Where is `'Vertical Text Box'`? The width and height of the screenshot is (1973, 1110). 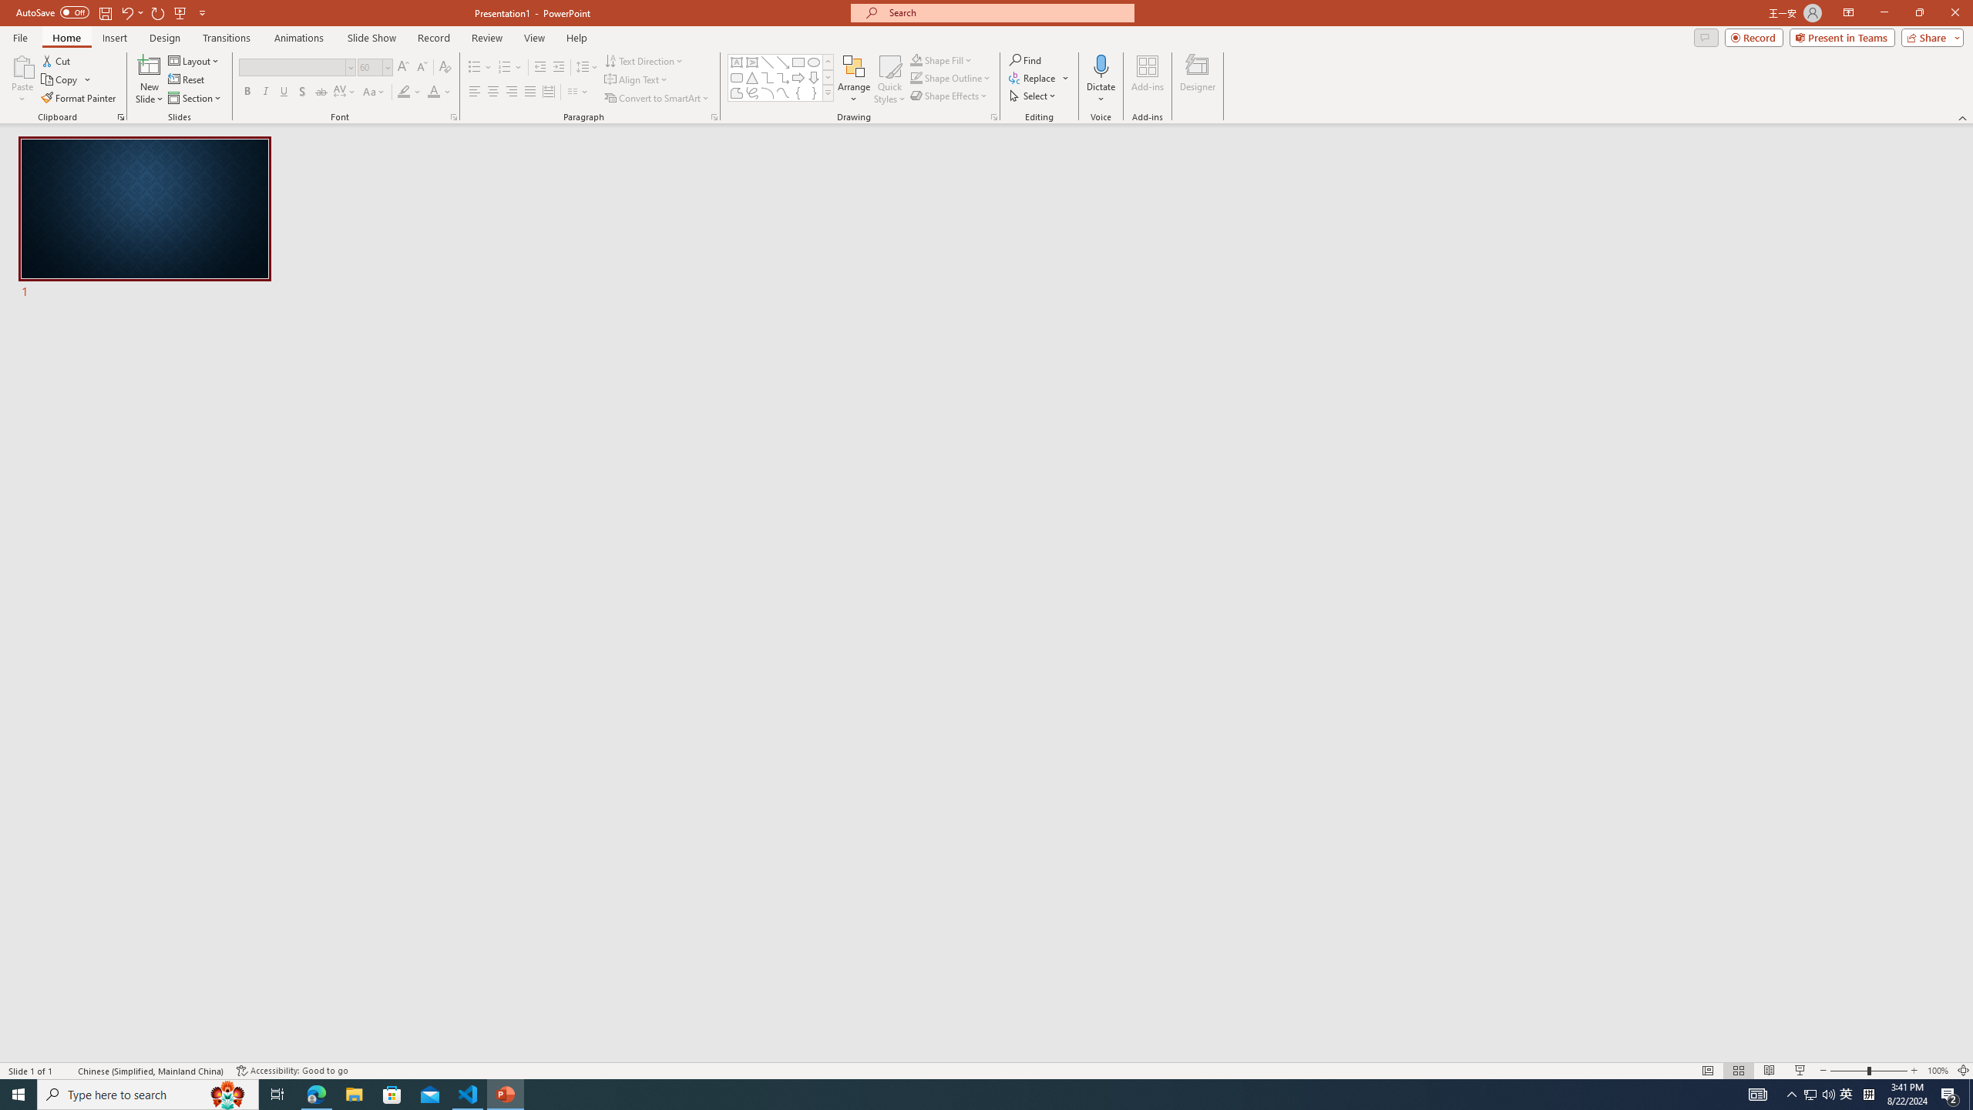
'Vertical Text Box' is located at coordinates (751, 62).